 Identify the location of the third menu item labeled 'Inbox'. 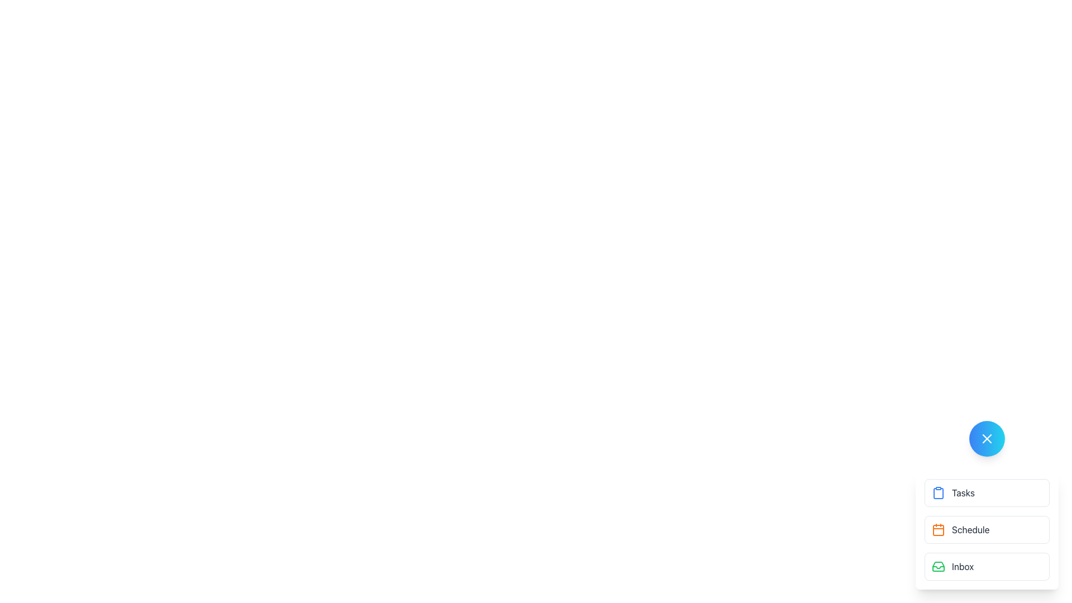
(987, 566).